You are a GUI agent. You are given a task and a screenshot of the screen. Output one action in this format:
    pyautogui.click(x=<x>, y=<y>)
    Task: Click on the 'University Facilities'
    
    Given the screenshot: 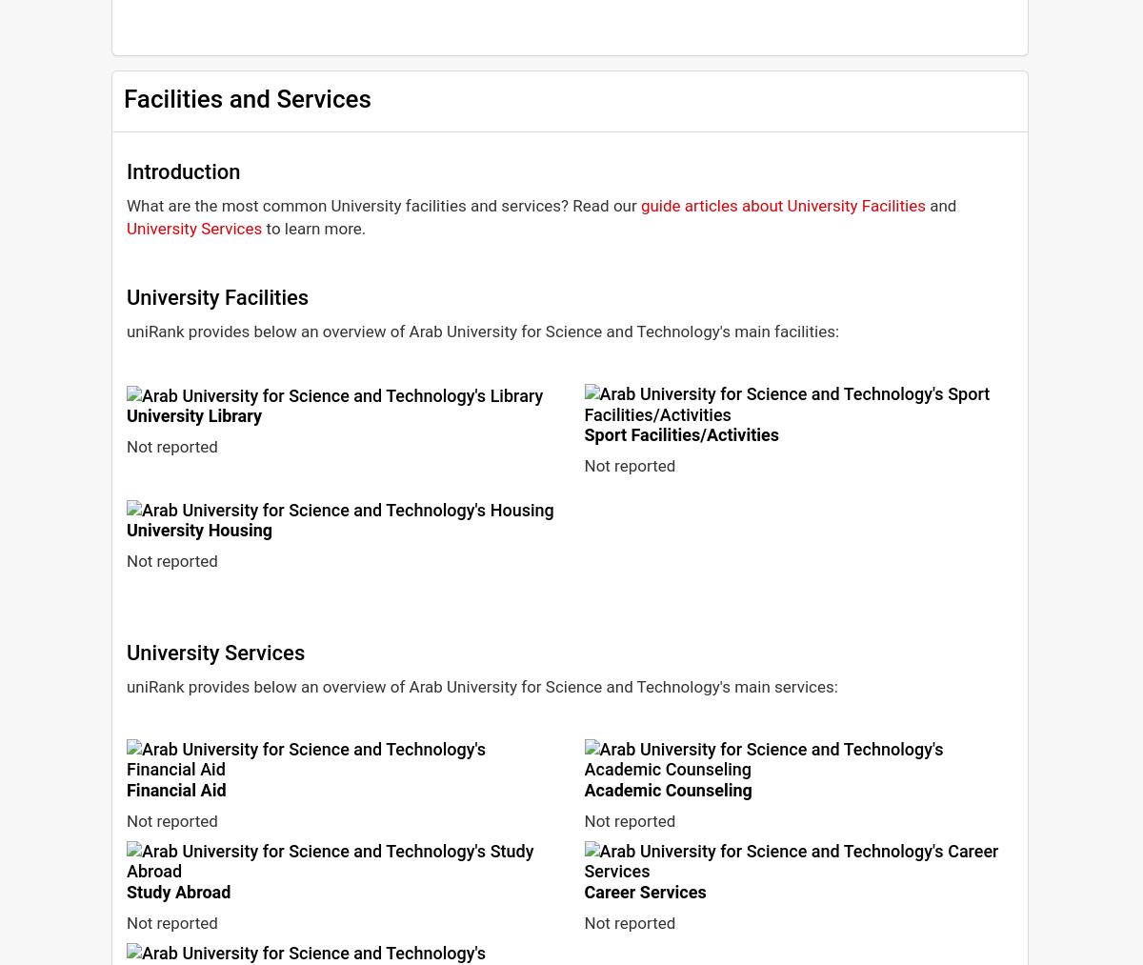 What is the action you would take?
    pyautogui.click(x=216, y=297)
    